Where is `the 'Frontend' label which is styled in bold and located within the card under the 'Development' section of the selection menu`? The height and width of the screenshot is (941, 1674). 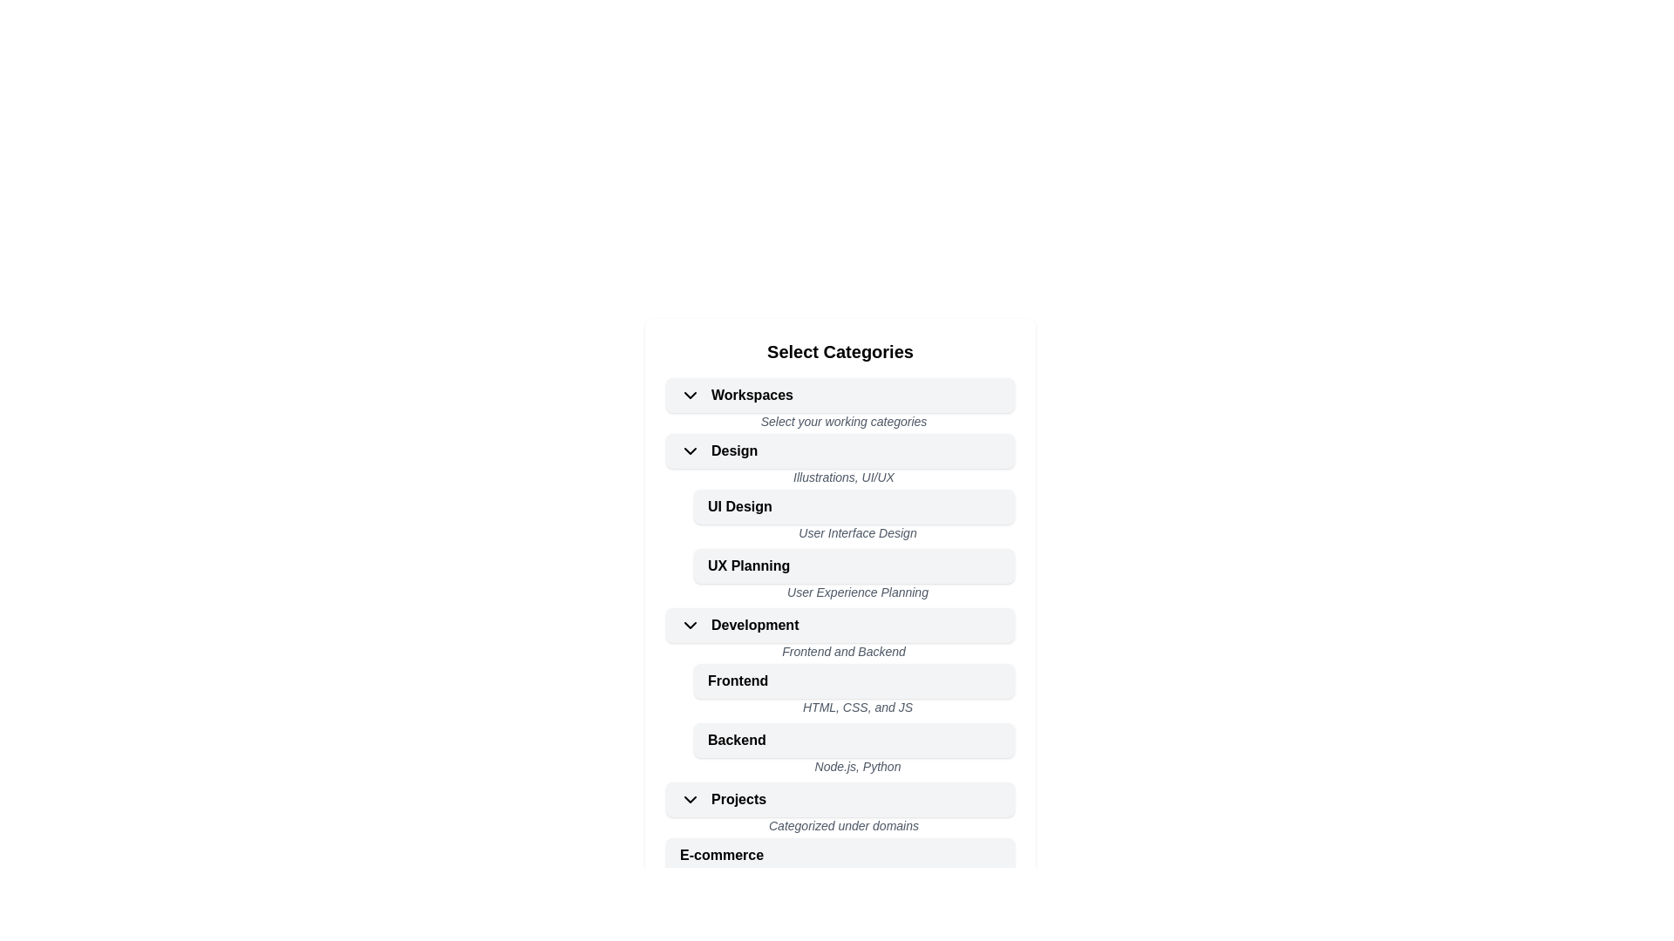 the 'Frontend' label which is styled in bold and located within the card under the 'Development' section of the selection menu is located at coordinates (738, 680).